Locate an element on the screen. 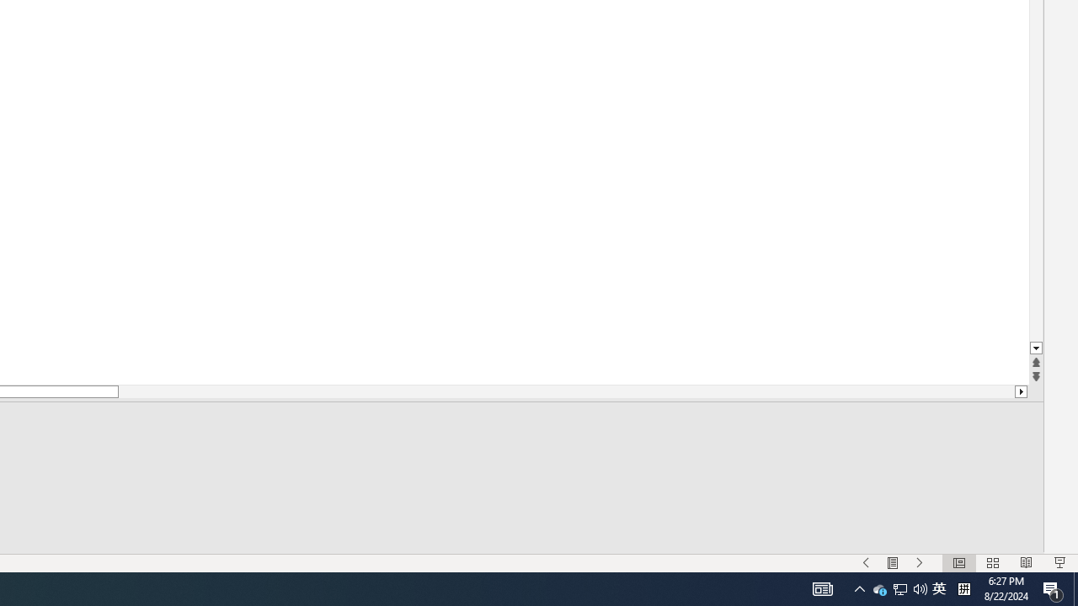 The image size is (1078, 606). 'Notification Chevron' is located at coordinates (879, 587).